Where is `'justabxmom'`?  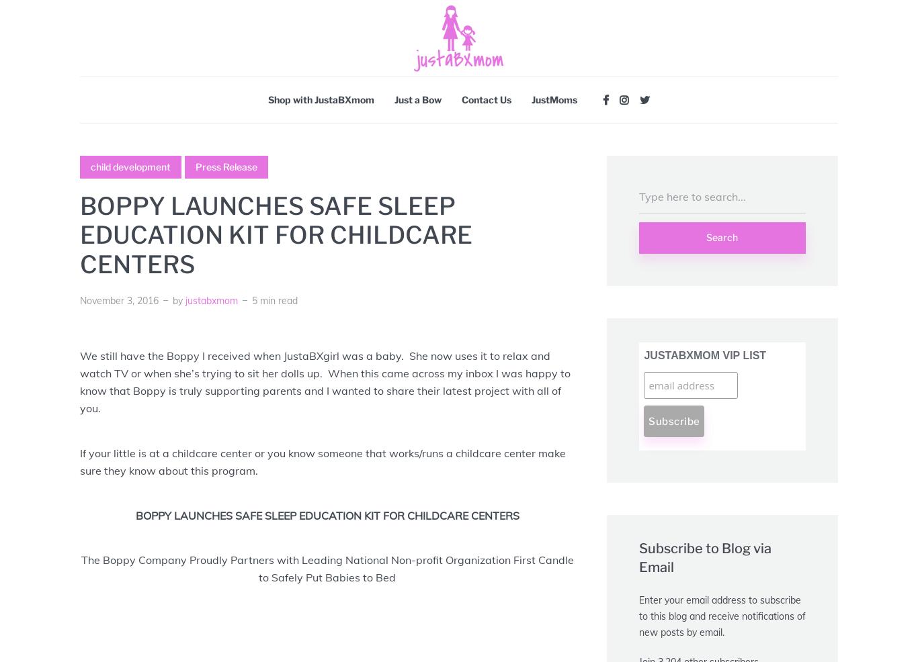
'justabxmom' is located at coordinates (211, 299).